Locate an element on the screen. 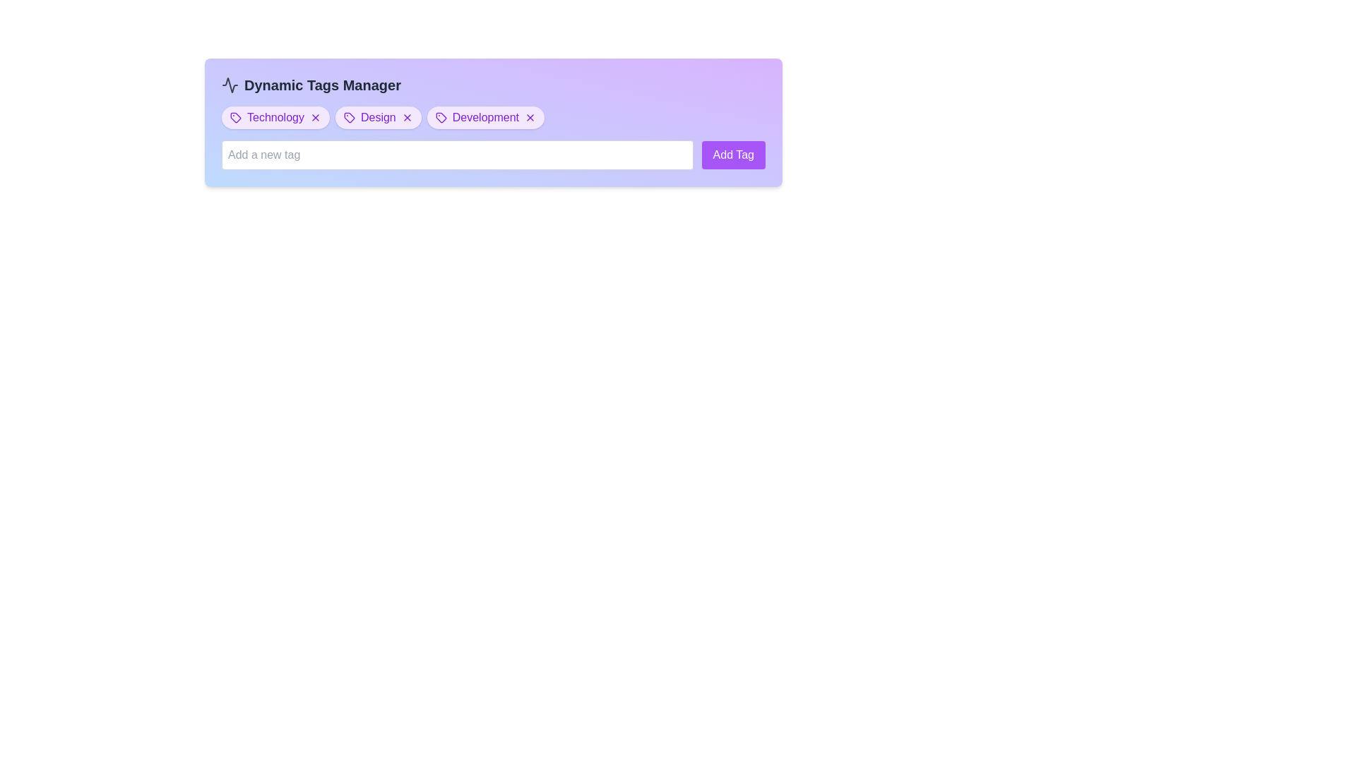  the small, round tag icon styled in purple tones, located to the left of the word 'Technology' within the 'Technology' tag component is located at coordinates (236, 116).